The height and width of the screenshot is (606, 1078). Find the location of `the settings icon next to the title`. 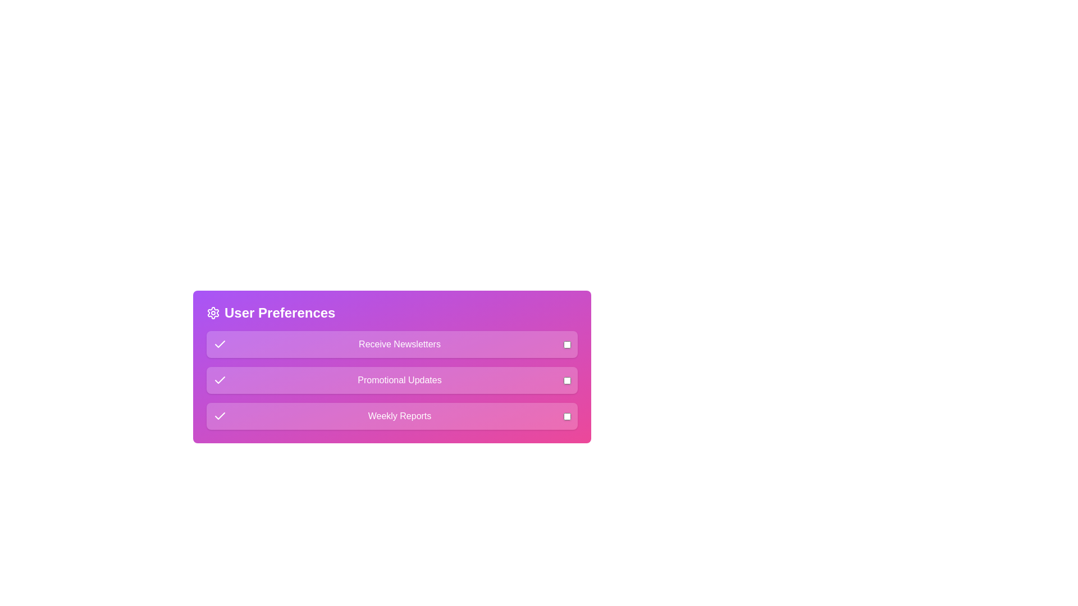

the settings icon next to the title is located at coordinates (213, 313).